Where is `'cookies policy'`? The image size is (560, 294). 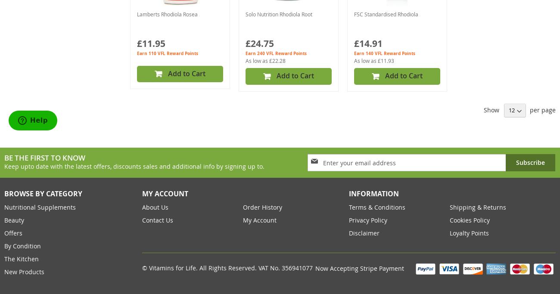
'cookies policy' is located at coordinates (469, 219).